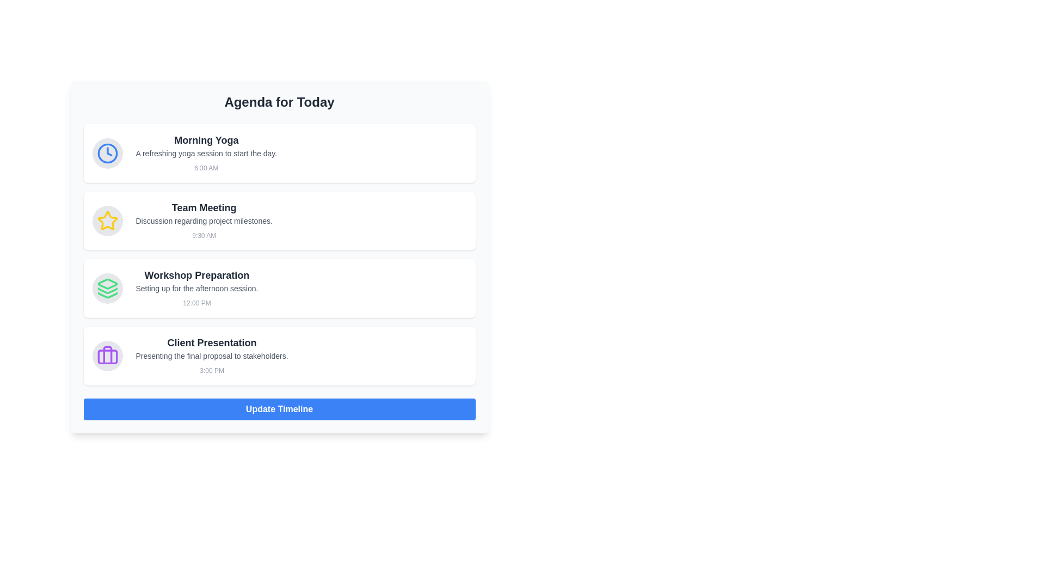 The width and height of the screenshot is (1045, 588). What do you see at coordinates (107, 356) in the screenshot?
I see `the 'Client Presentation' icon located in the fourth list item of the agenda by moving the cursor to its center point` at bounding box center [107, 356].